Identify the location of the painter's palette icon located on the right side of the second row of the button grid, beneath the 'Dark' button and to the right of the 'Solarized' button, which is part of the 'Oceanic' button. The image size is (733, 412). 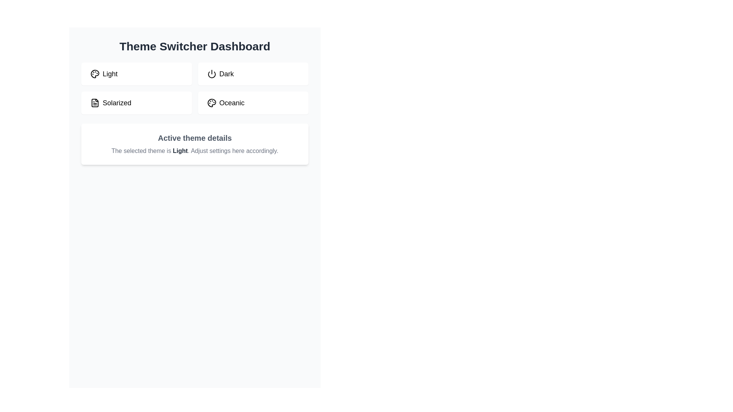
(212, 103).